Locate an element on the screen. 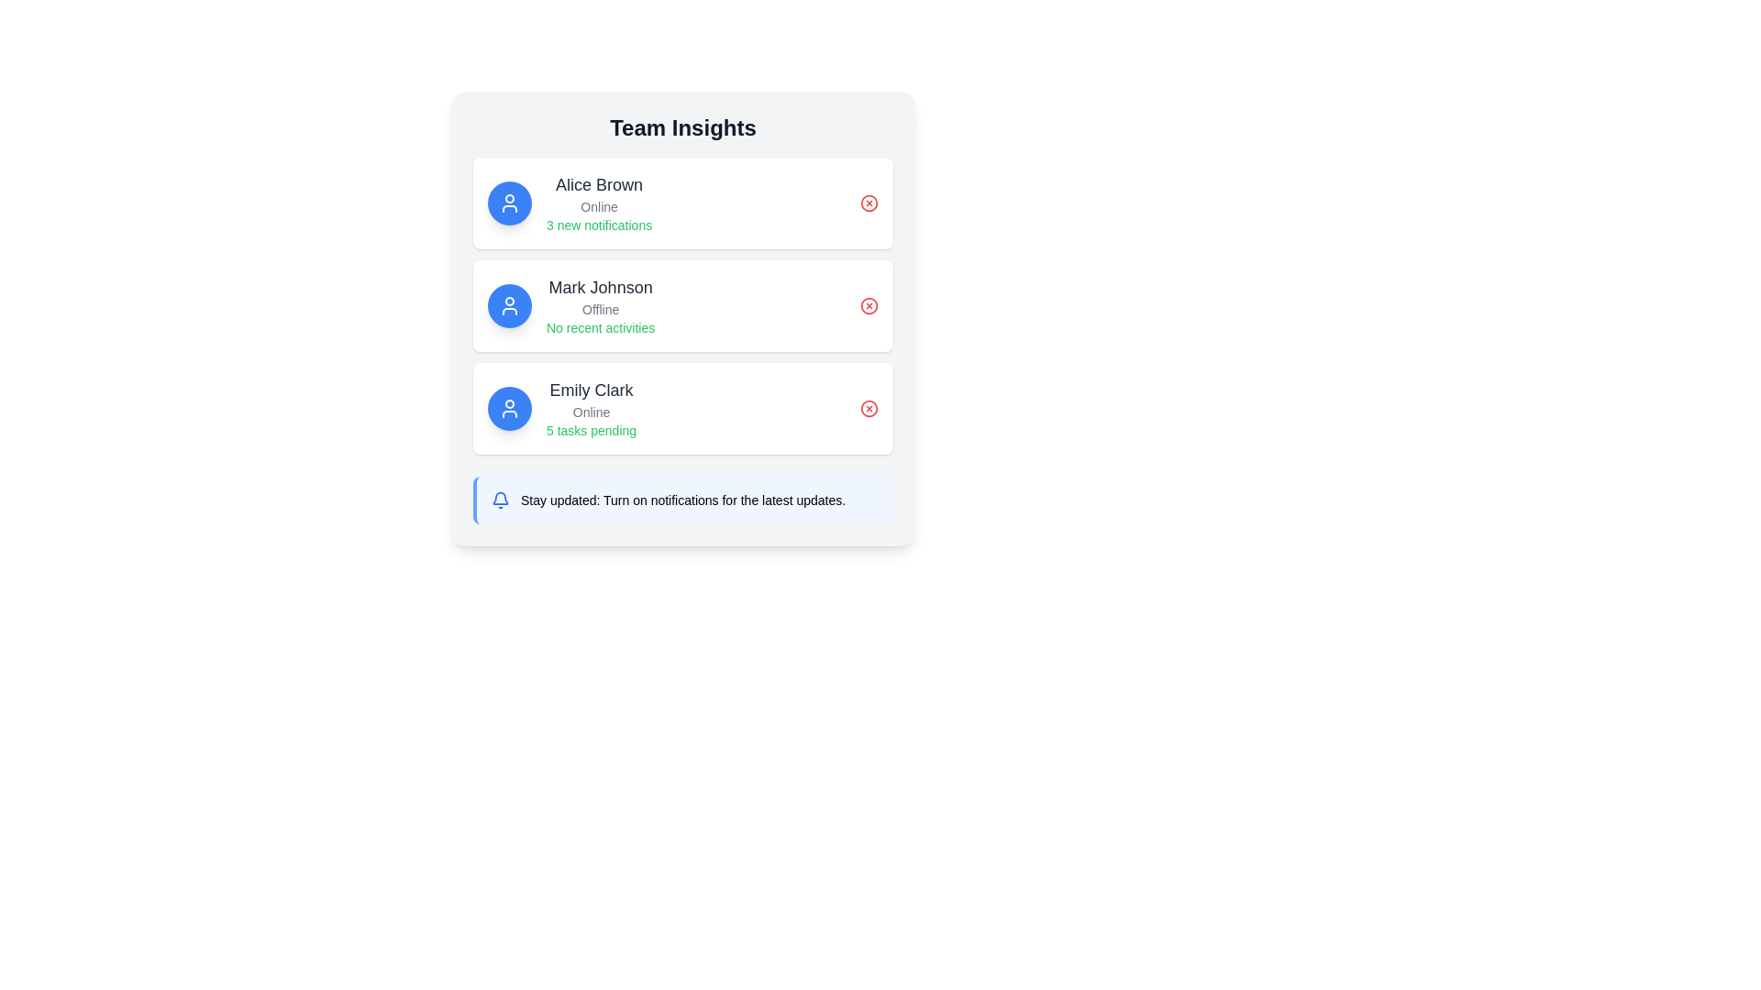 Image resolution: width=1761 pixels, height=990 pixels. the user profile icon representing 'Alice Brown' in the profile section of the list item, which is located to the left of the text information is located at coordinates (510, 203).